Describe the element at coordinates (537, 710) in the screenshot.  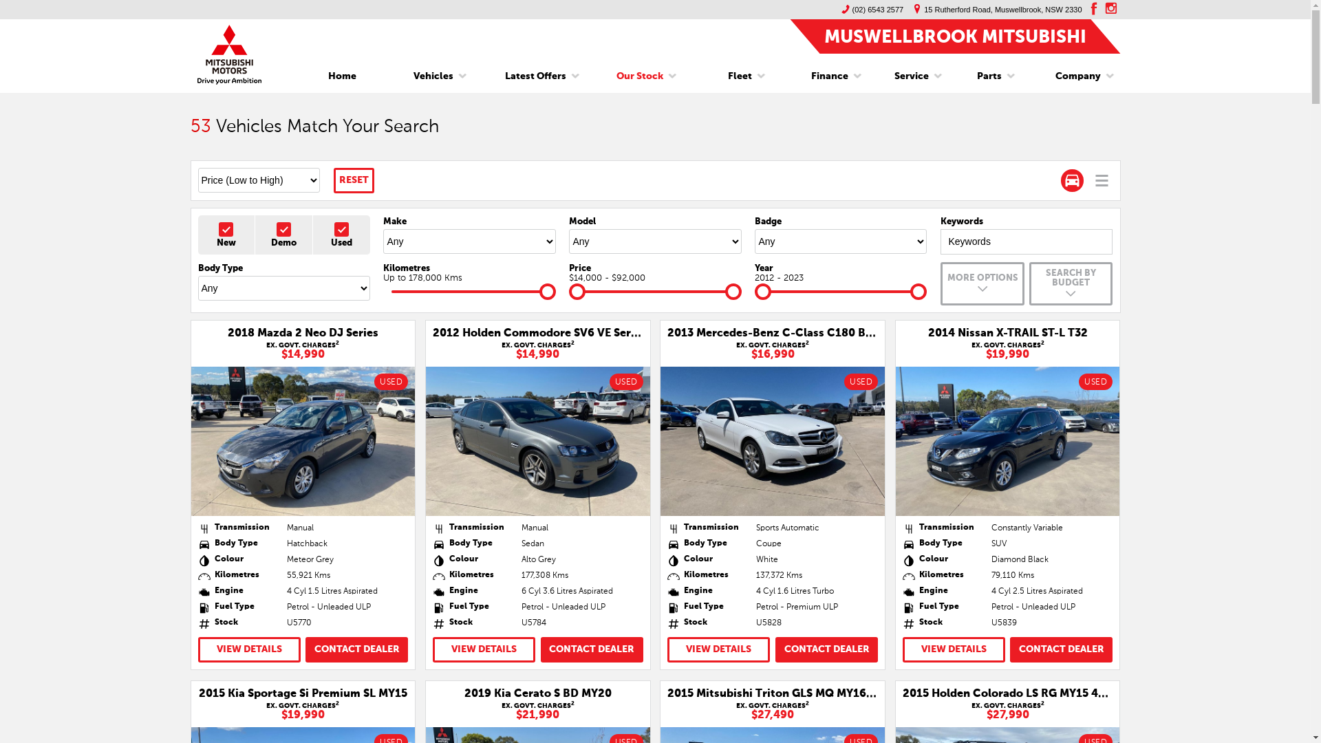
I see `'EX. GOVT. CHARGES2` at that location.